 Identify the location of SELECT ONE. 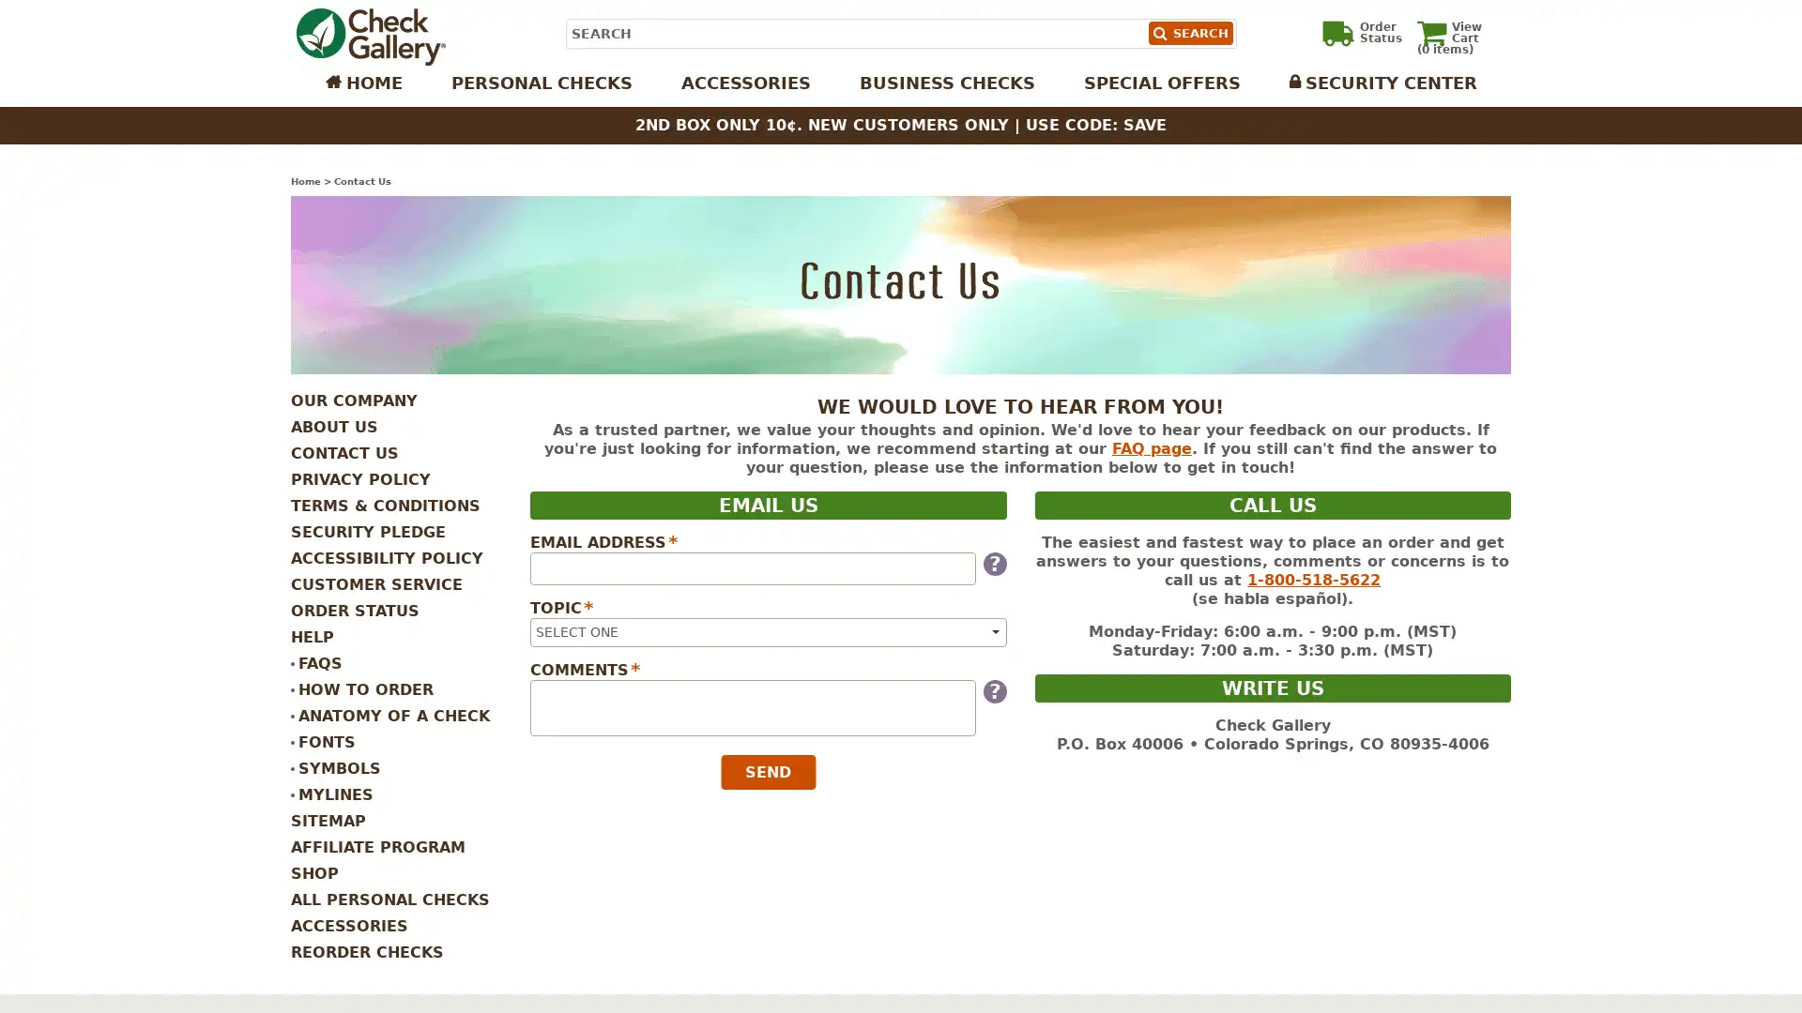
(768, 631).